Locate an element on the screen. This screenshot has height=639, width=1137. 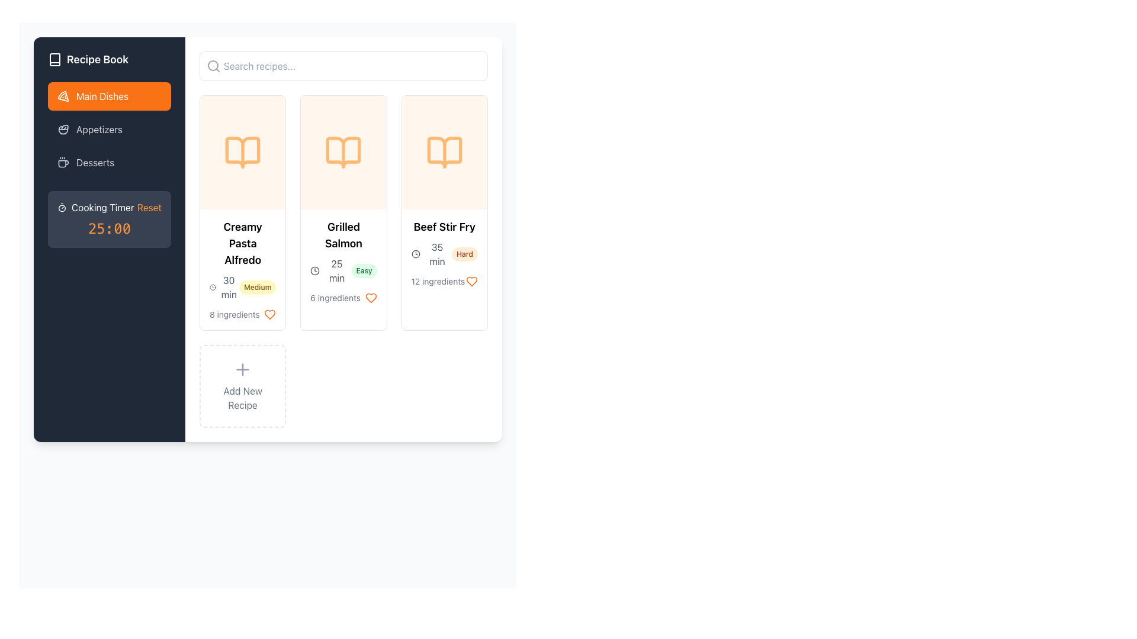
the left-side page of the open book icon in the 'Creamy Pasta Alfredo' card located in the first row of the recipe grid is located at coordinates (242, 152).